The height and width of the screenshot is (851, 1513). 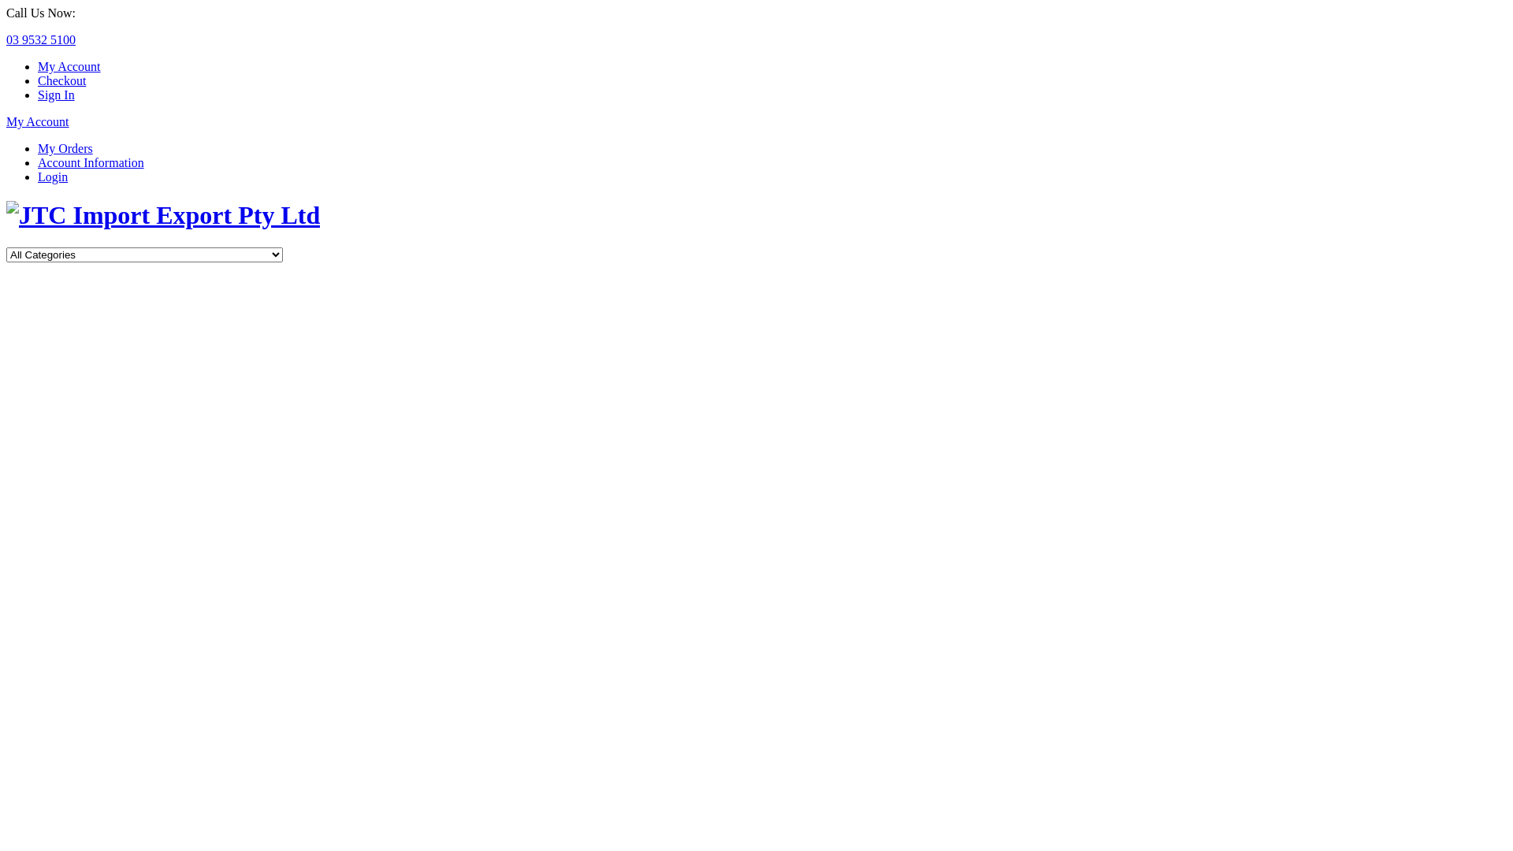 What do you see at coordinates (38, 121) in the screenshot?
I see `'My Account'` at bounding box center [38, 121].